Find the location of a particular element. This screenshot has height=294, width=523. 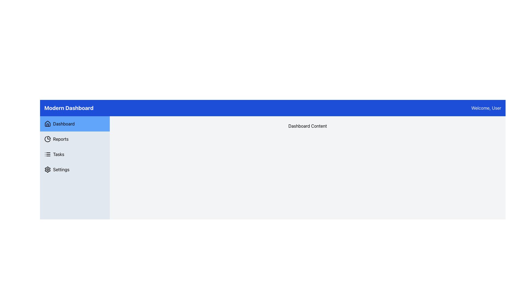

the navigation item located in the vertical menu, directly below the 'Dashboard' option is located at coordinates (74, 139).